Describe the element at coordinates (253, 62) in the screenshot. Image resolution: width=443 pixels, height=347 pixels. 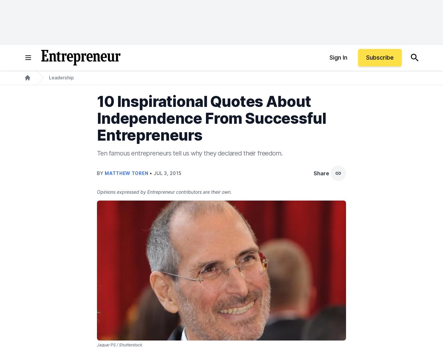
I see `'(Wiley). He's based in Vancouver, B.C.'` at that location.